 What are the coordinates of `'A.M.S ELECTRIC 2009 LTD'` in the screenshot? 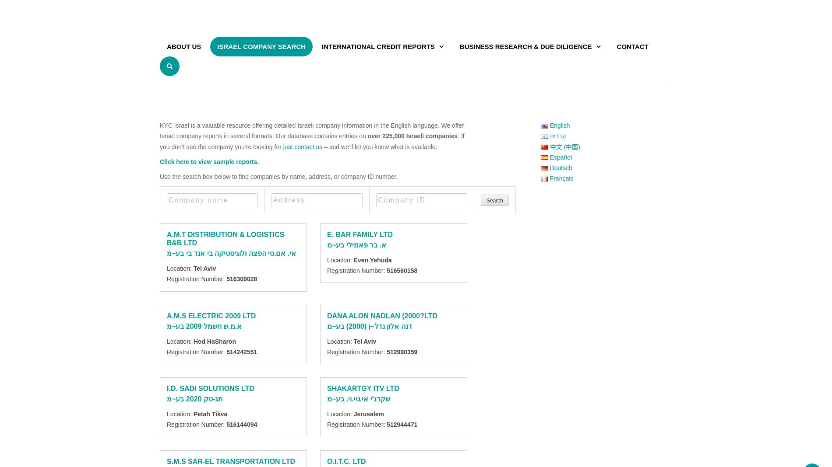 It's located at (211, 315).